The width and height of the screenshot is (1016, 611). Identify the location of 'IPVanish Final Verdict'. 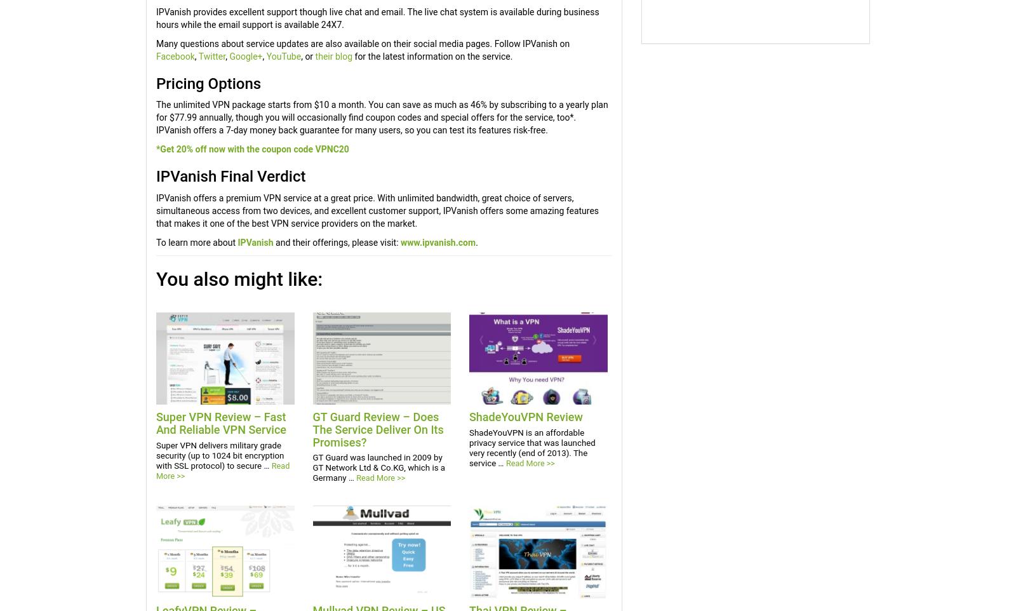
(156, 177).